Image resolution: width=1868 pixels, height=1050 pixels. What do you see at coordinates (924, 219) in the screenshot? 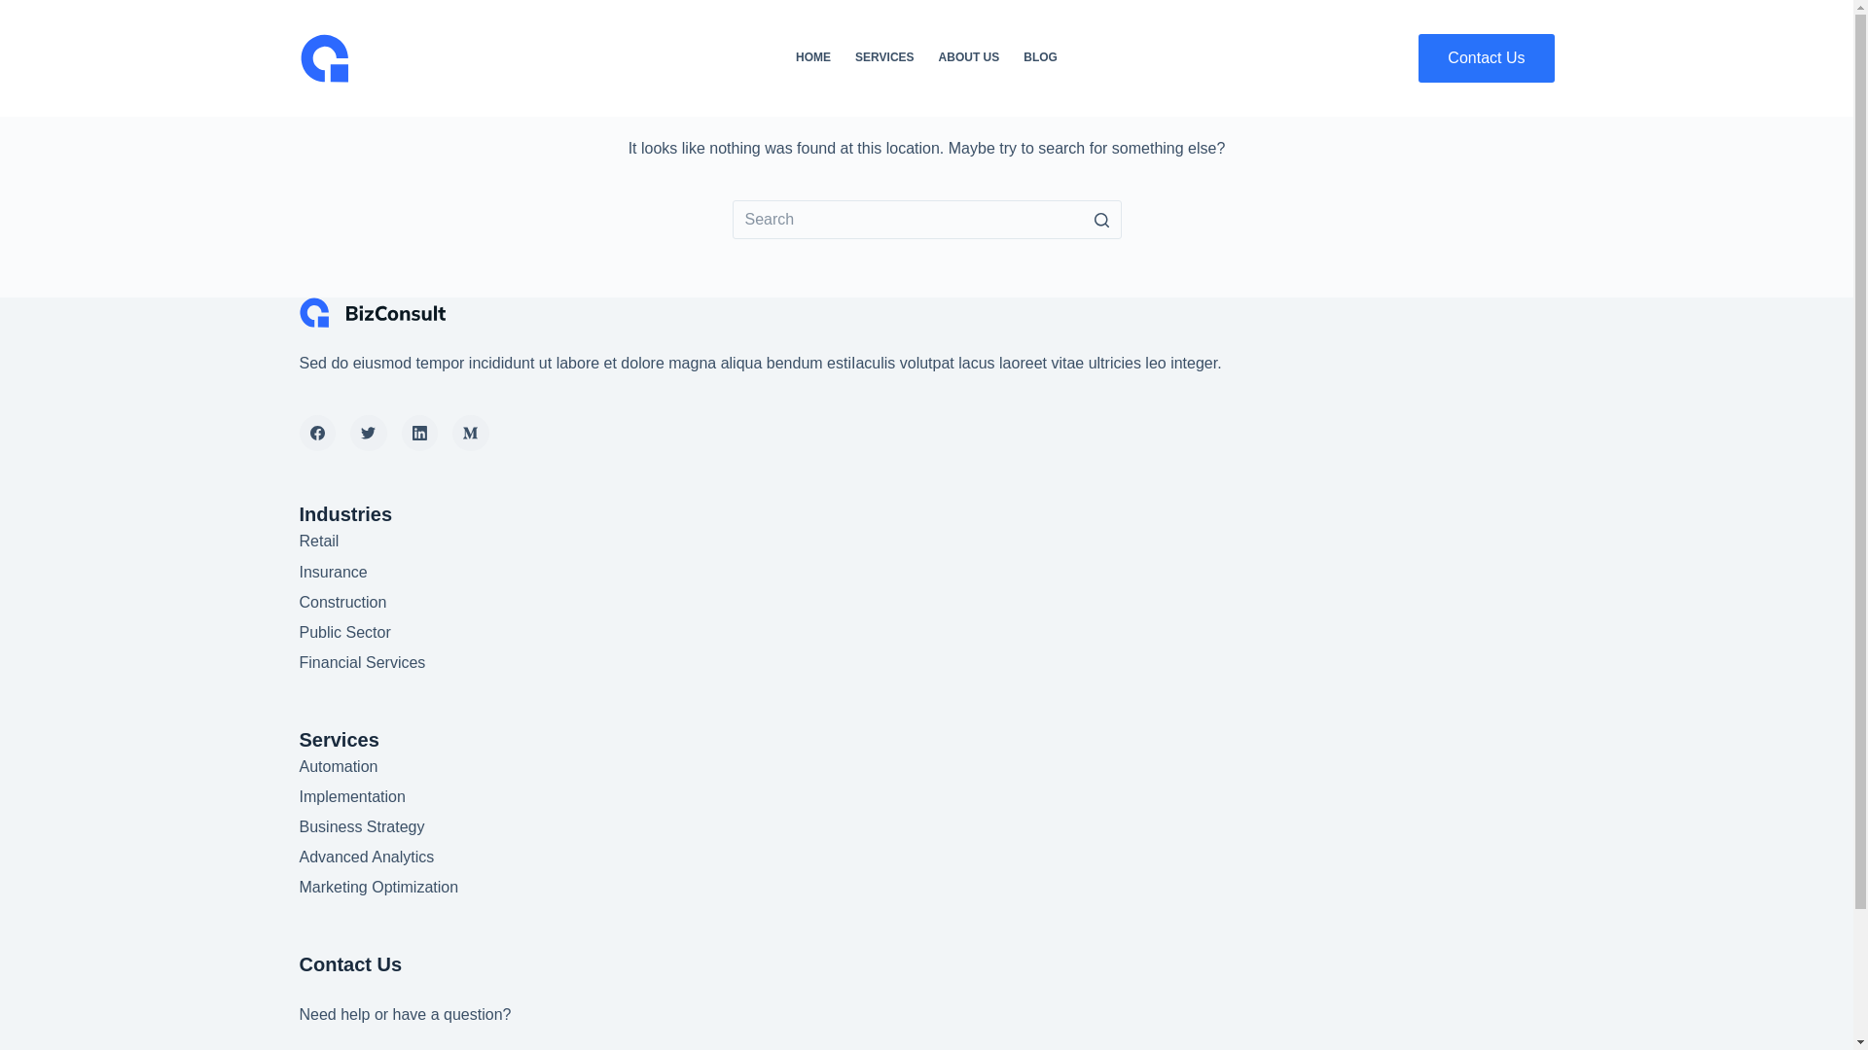
I see `'Search for...'` at bounding box center [924, 219].